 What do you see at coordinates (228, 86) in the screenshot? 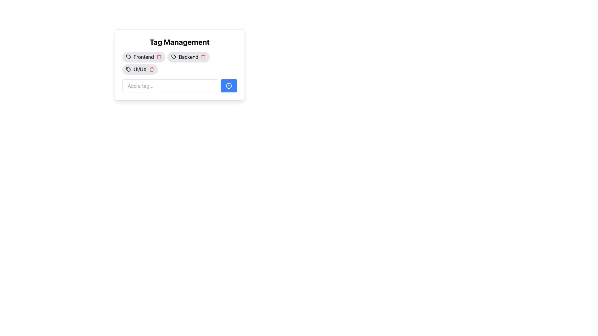
I see `the circular 'Add' button located at the bottom-right corner of the tag management interface, which is used for adding new tags or items` at bounding box center [228, 86].